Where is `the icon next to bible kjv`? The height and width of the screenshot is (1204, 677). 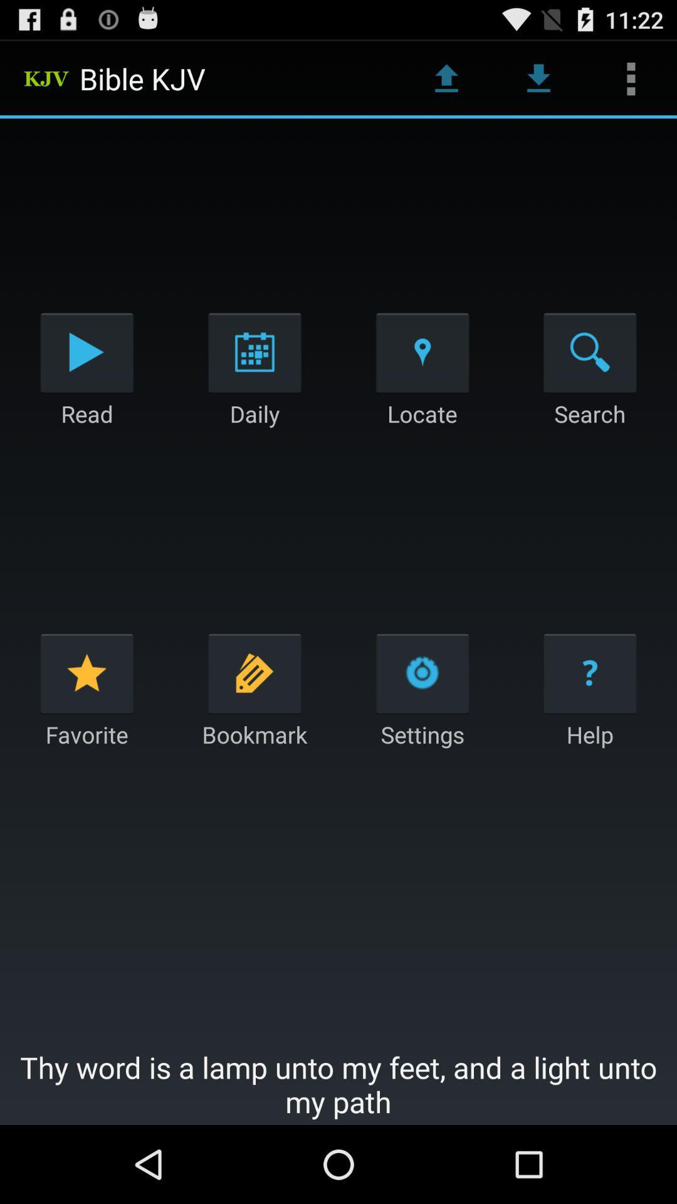 the icon next to bible kjv is located at coordinates (446, 78).